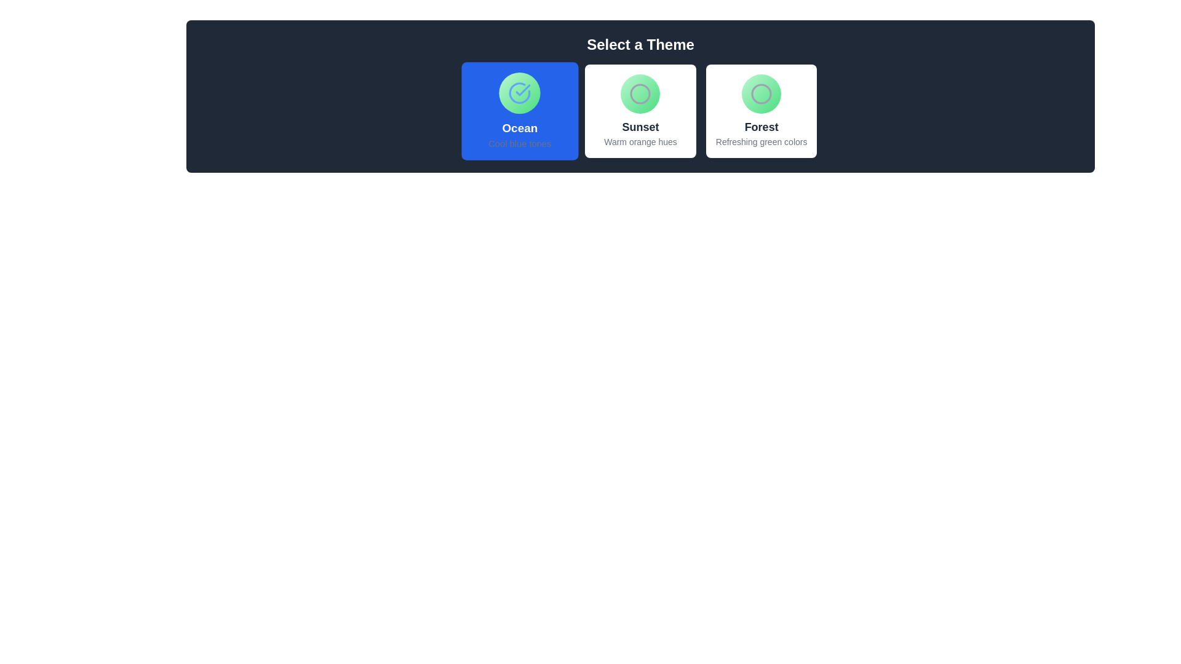 This screenshot has height=664, width=1181. What do you see at coordinates (519, 128) in the screenshot?
I see `the static text element displaying the label 'Ocean' which is positioned at the bottom center of a card with a blue background` at bounding box center [519, 128].